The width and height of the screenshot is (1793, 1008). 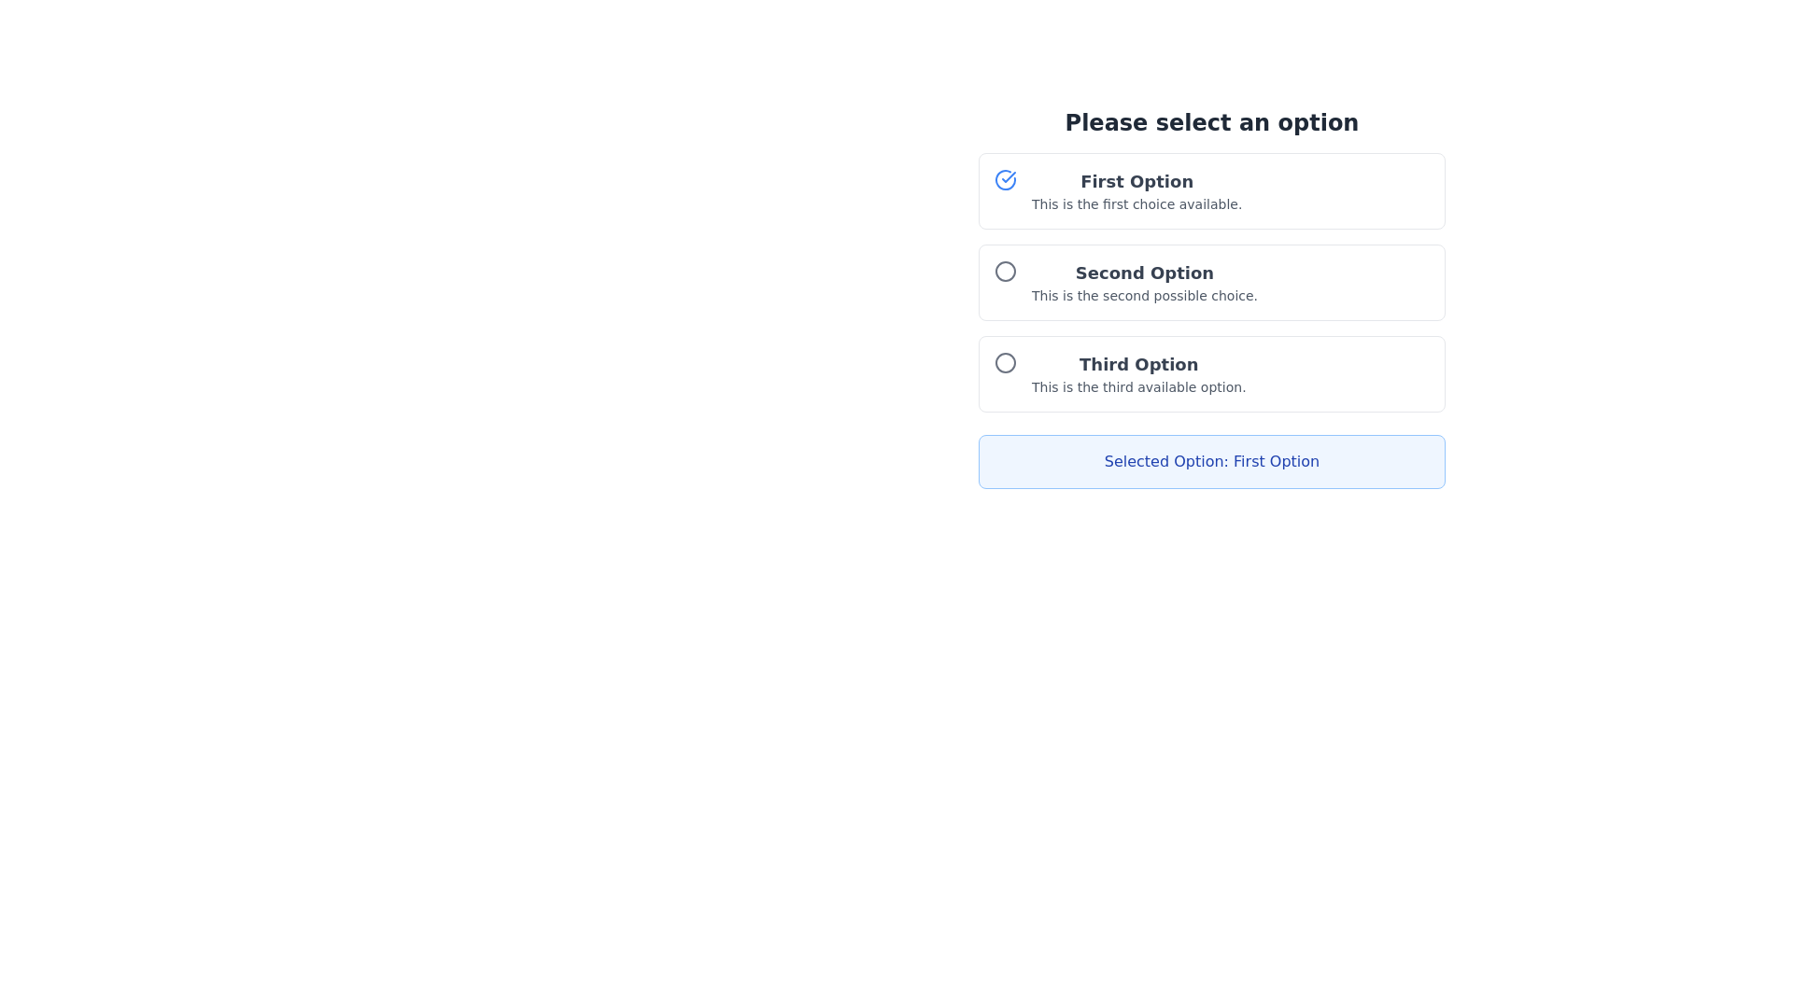 What do you see at coordinates (1211, 461) in the screenshot?
I see `displayed information from the notification box with a light blue background and blue border, containing the text 'Selected Option: First Option'` at bounding box center [1211, 461].